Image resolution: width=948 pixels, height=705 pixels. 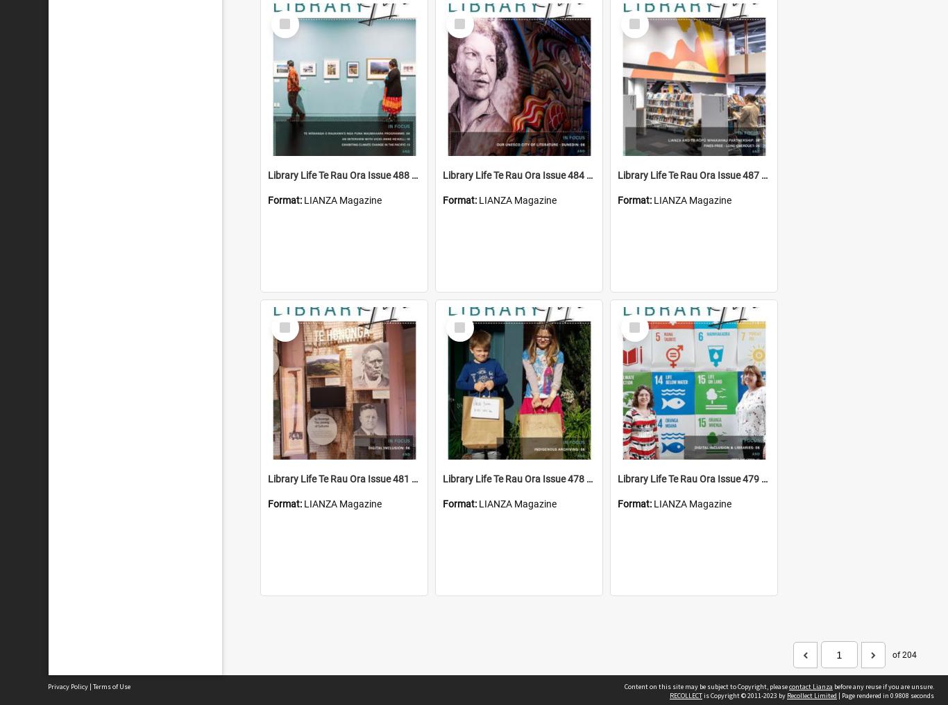 What do you see at coordinates (369, 478) in the screenshot?
I see `'Library Life Te Rau Ora Issue 481 October 2020'` at bounding box center [369, 478].